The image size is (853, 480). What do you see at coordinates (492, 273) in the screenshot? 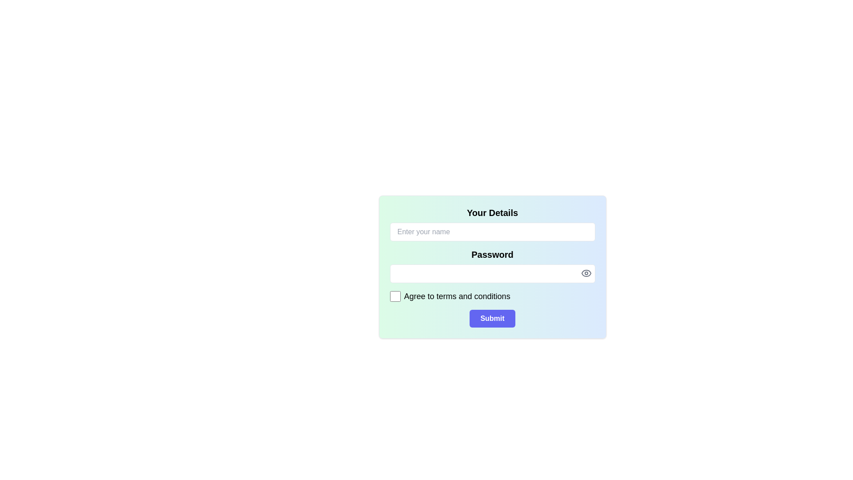
I see `and drop text into the rectangular input field styled with rounded edges located below the 'Password' label` at bounding box center [492, 273].